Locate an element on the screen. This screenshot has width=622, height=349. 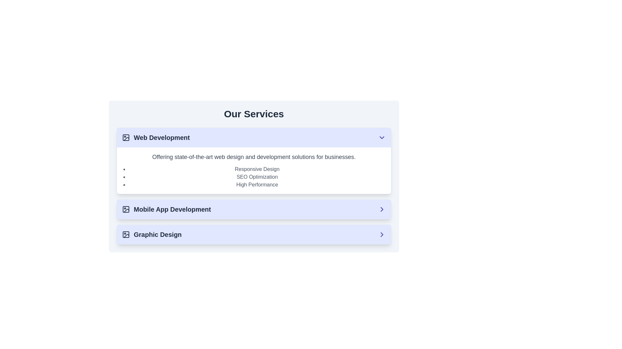
the dark indigo right-facing chevron icon at the far-right end of the 'Mobile App Development' row under 'Our Services' is located at coordinates (382, 209).